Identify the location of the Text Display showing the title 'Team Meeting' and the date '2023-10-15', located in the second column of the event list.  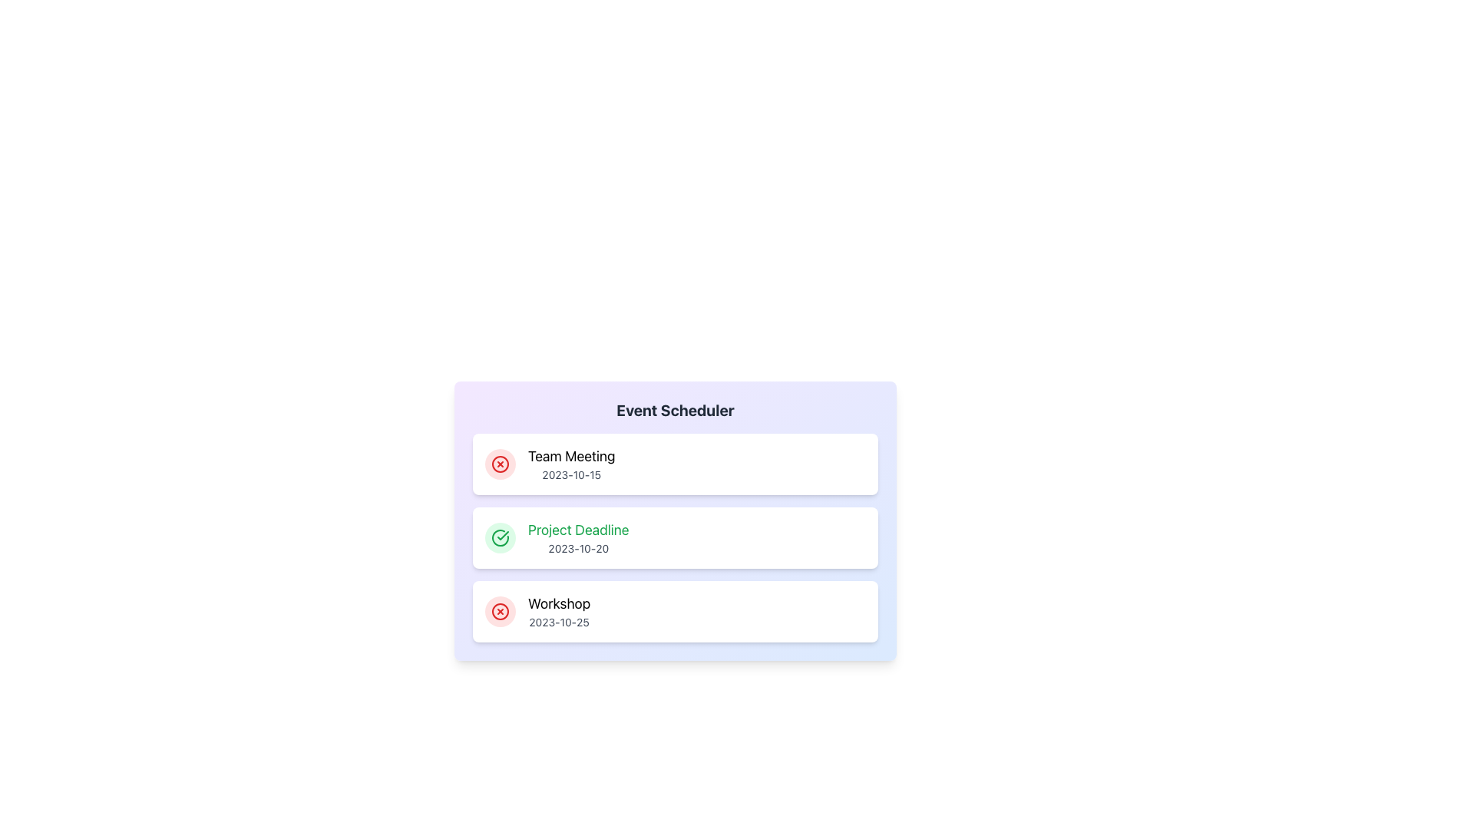
(570, 464).